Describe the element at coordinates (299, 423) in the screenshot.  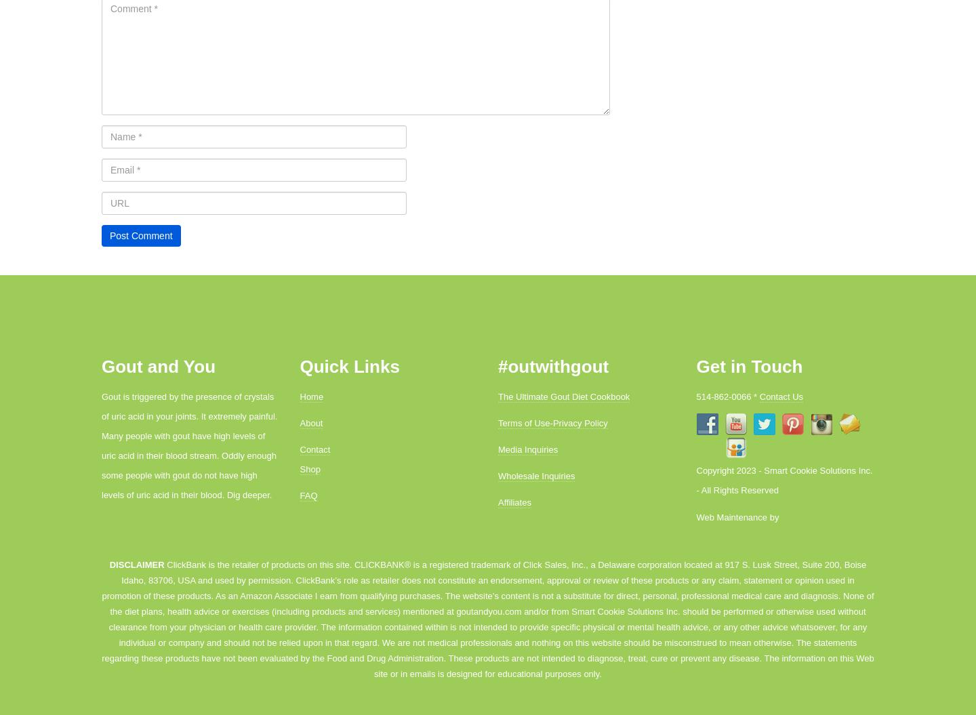
I see `'About'` at that location.